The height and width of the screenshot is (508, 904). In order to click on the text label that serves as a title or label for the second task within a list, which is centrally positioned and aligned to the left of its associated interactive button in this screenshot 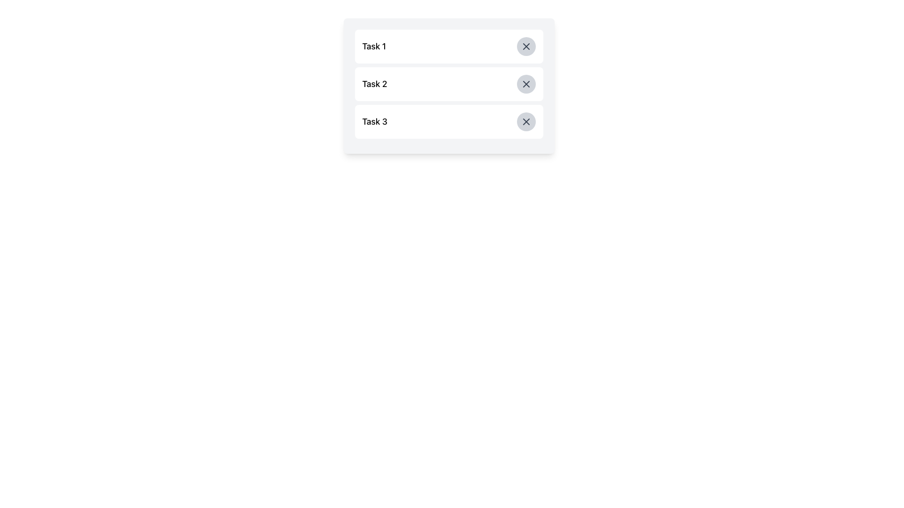, I will do `click(374, 83)`.